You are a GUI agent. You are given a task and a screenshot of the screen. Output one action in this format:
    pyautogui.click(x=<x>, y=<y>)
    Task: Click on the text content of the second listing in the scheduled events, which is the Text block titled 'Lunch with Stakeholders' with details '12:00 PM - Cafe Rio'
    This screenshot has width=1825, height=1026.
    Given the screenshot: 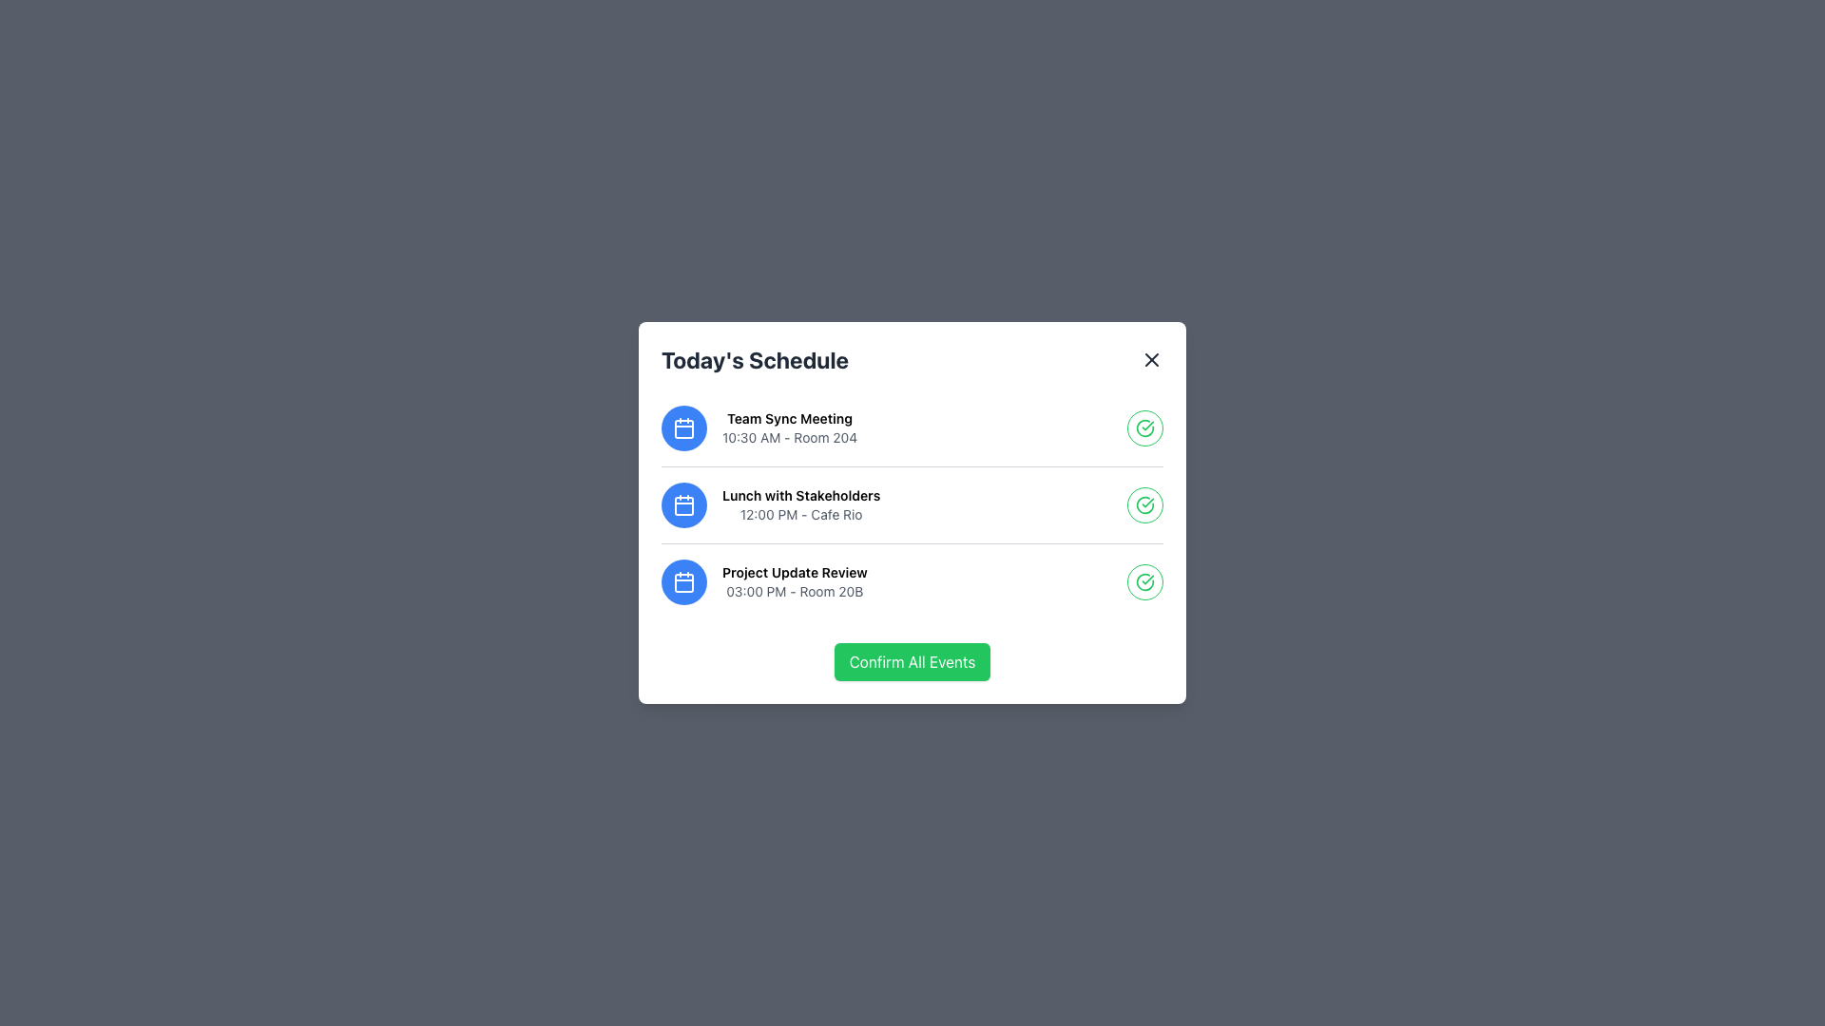 What is the action you would take?
    pyautogui.click(x=801, y=504)
    